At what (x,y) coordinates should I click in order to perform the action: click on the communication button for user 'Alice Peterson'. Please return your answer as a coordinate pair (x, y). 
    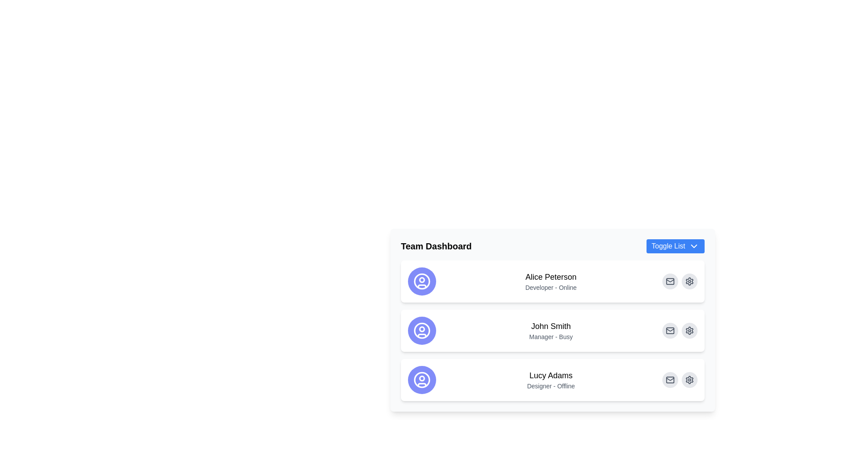
    Looking at the image, I should click on (669, 281).